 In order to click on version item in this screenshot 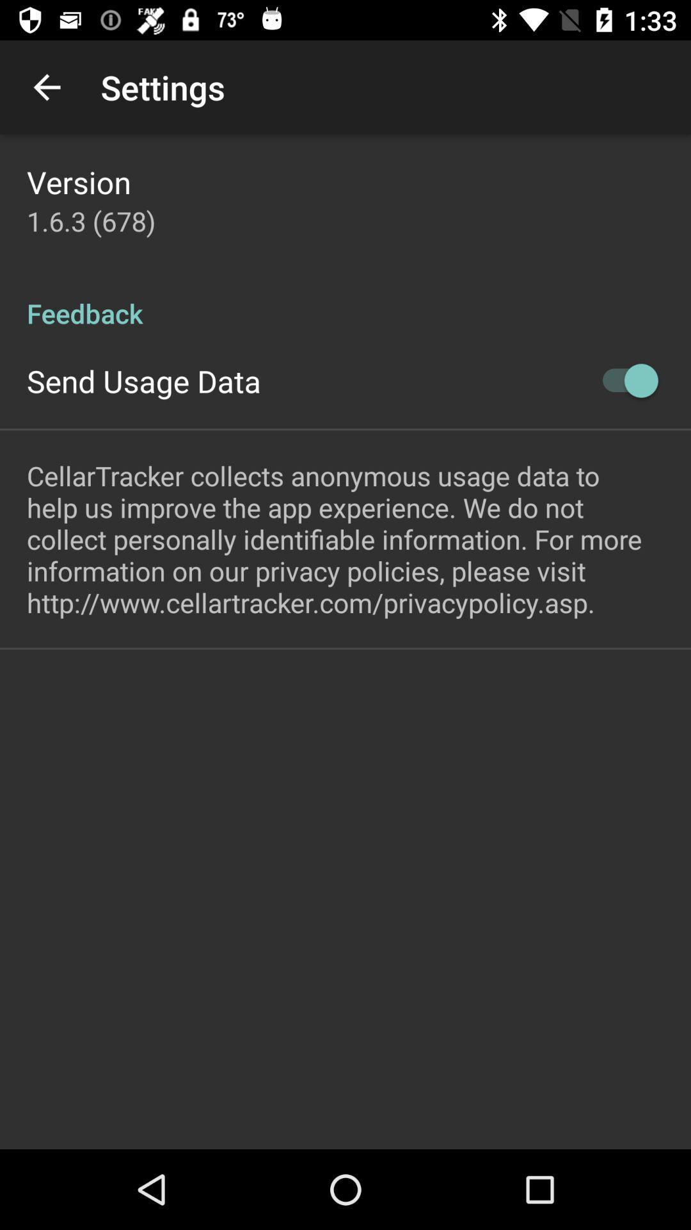, I will do `click(79, 181)`.